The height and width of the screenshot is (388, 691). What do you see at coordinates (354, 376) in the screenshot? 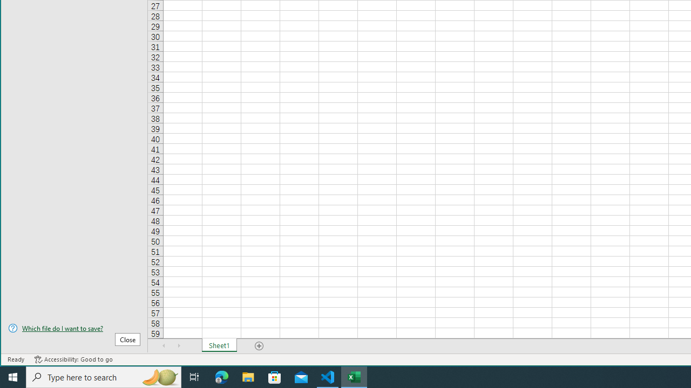
I see `'Excel - 1 running window'` at bounding box center [354, 376].